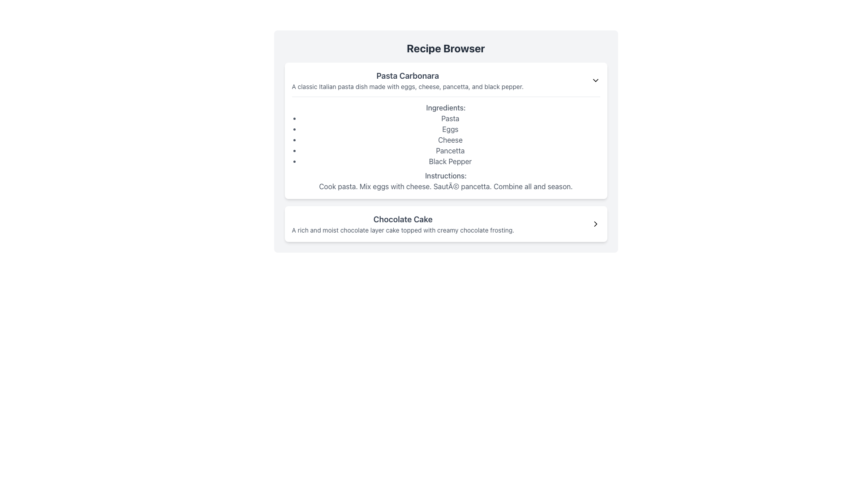 This screenshot has height=483, width=860. What do you see at coordinates (450, 161) in the screenshot?
I see `the text content of the 'Black Pepper' list item, which is the fifth item in the ingredients list for the Pasta Carbonara recipe` at bounding box center [450, 161].